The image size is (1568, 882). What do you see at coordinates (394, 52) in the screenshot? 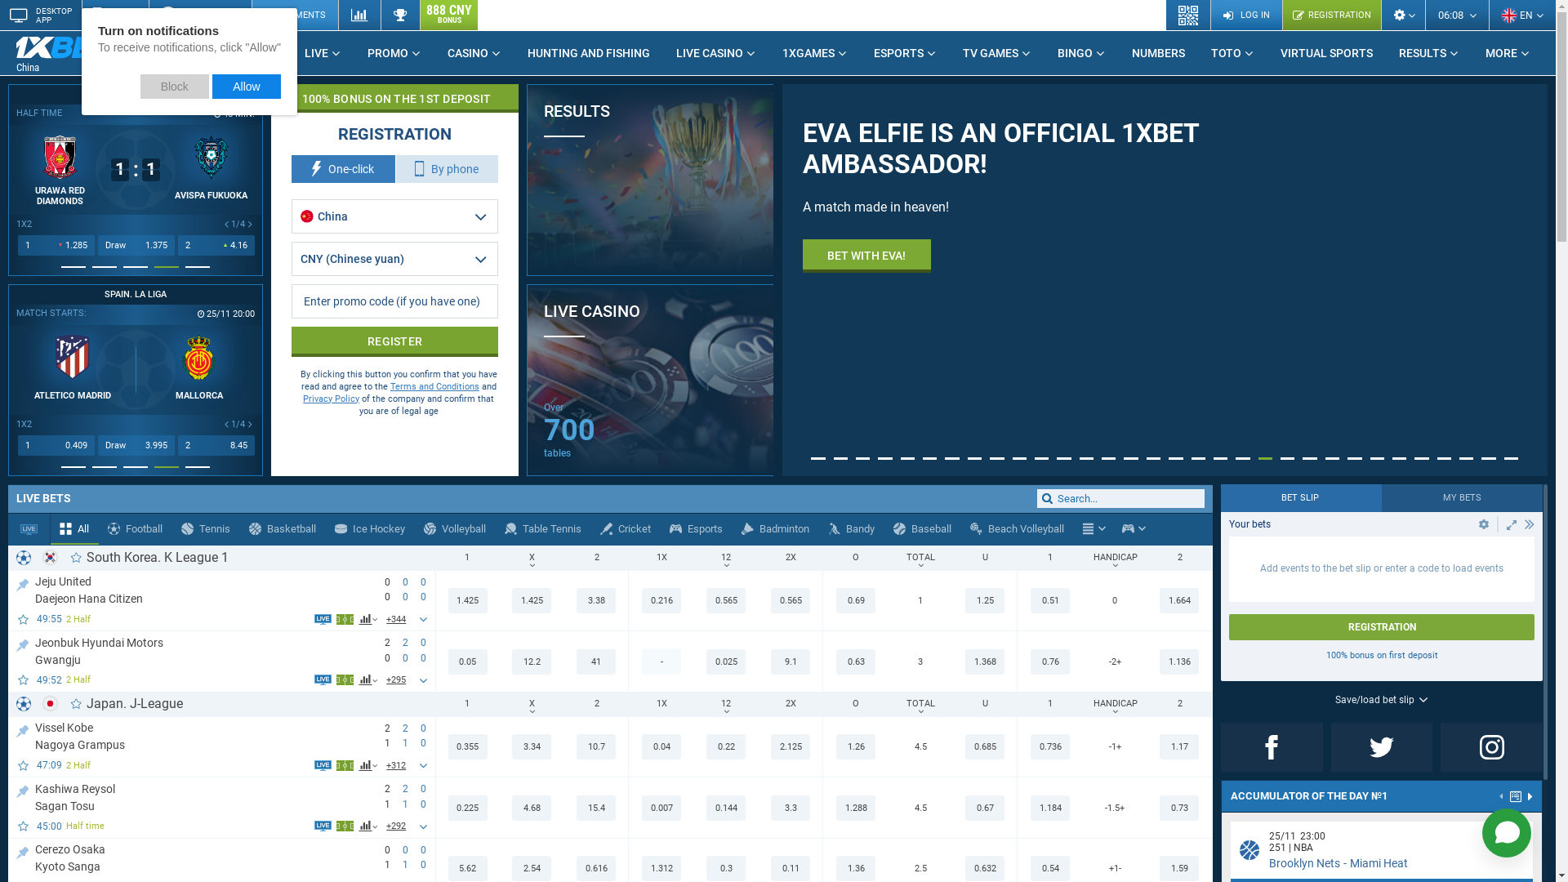
I see `'PROMO'` at bounding box center [394, 52].